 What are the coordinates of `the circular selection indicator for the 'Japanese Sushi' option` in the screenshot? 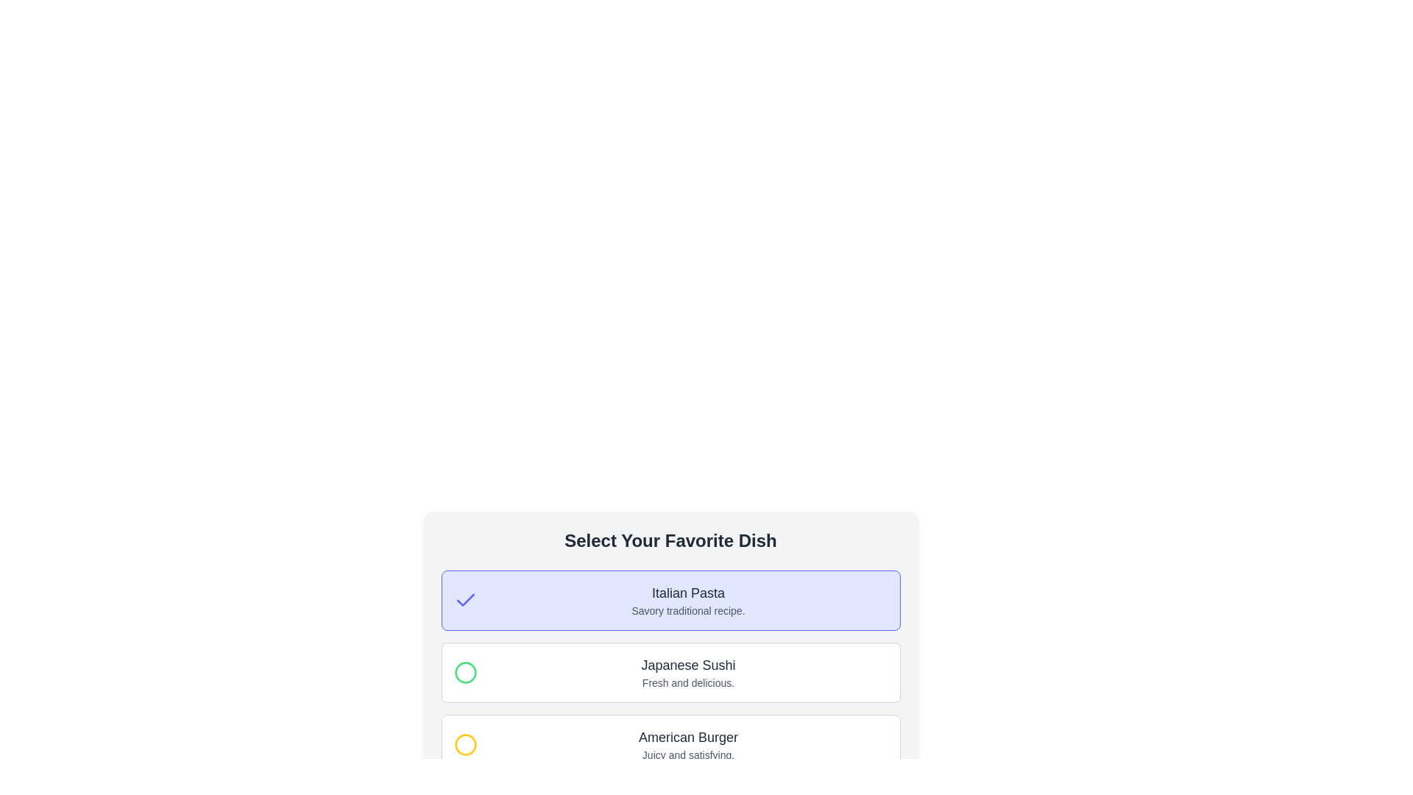 It's located at (464, 673).